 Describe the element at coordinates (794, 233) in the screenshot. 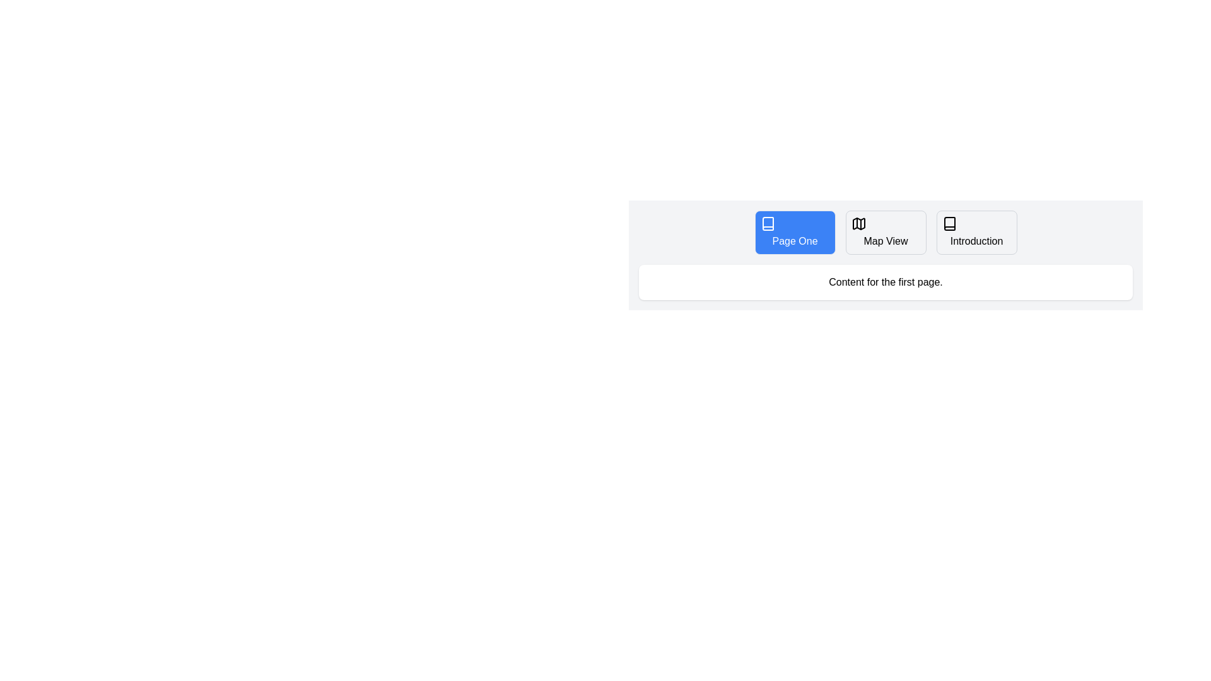

I see `the navigation button` at that location.